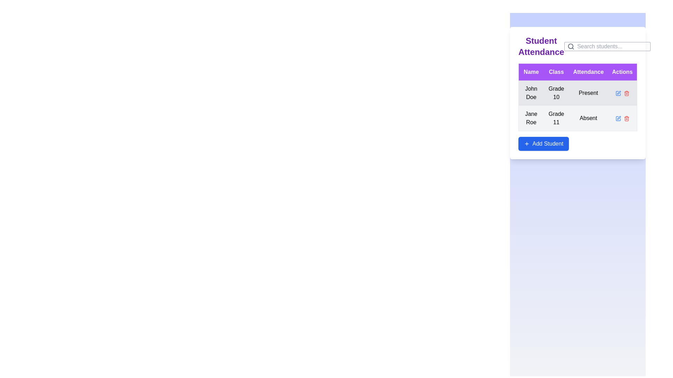  What do you see at coordinates (618, 118) in the screenshot?
I see `the edit button located in the 'Actions' column of the second row in the 'Student Attendance' table, which precedes the red trash can icon` at bounding box center [618, 118].